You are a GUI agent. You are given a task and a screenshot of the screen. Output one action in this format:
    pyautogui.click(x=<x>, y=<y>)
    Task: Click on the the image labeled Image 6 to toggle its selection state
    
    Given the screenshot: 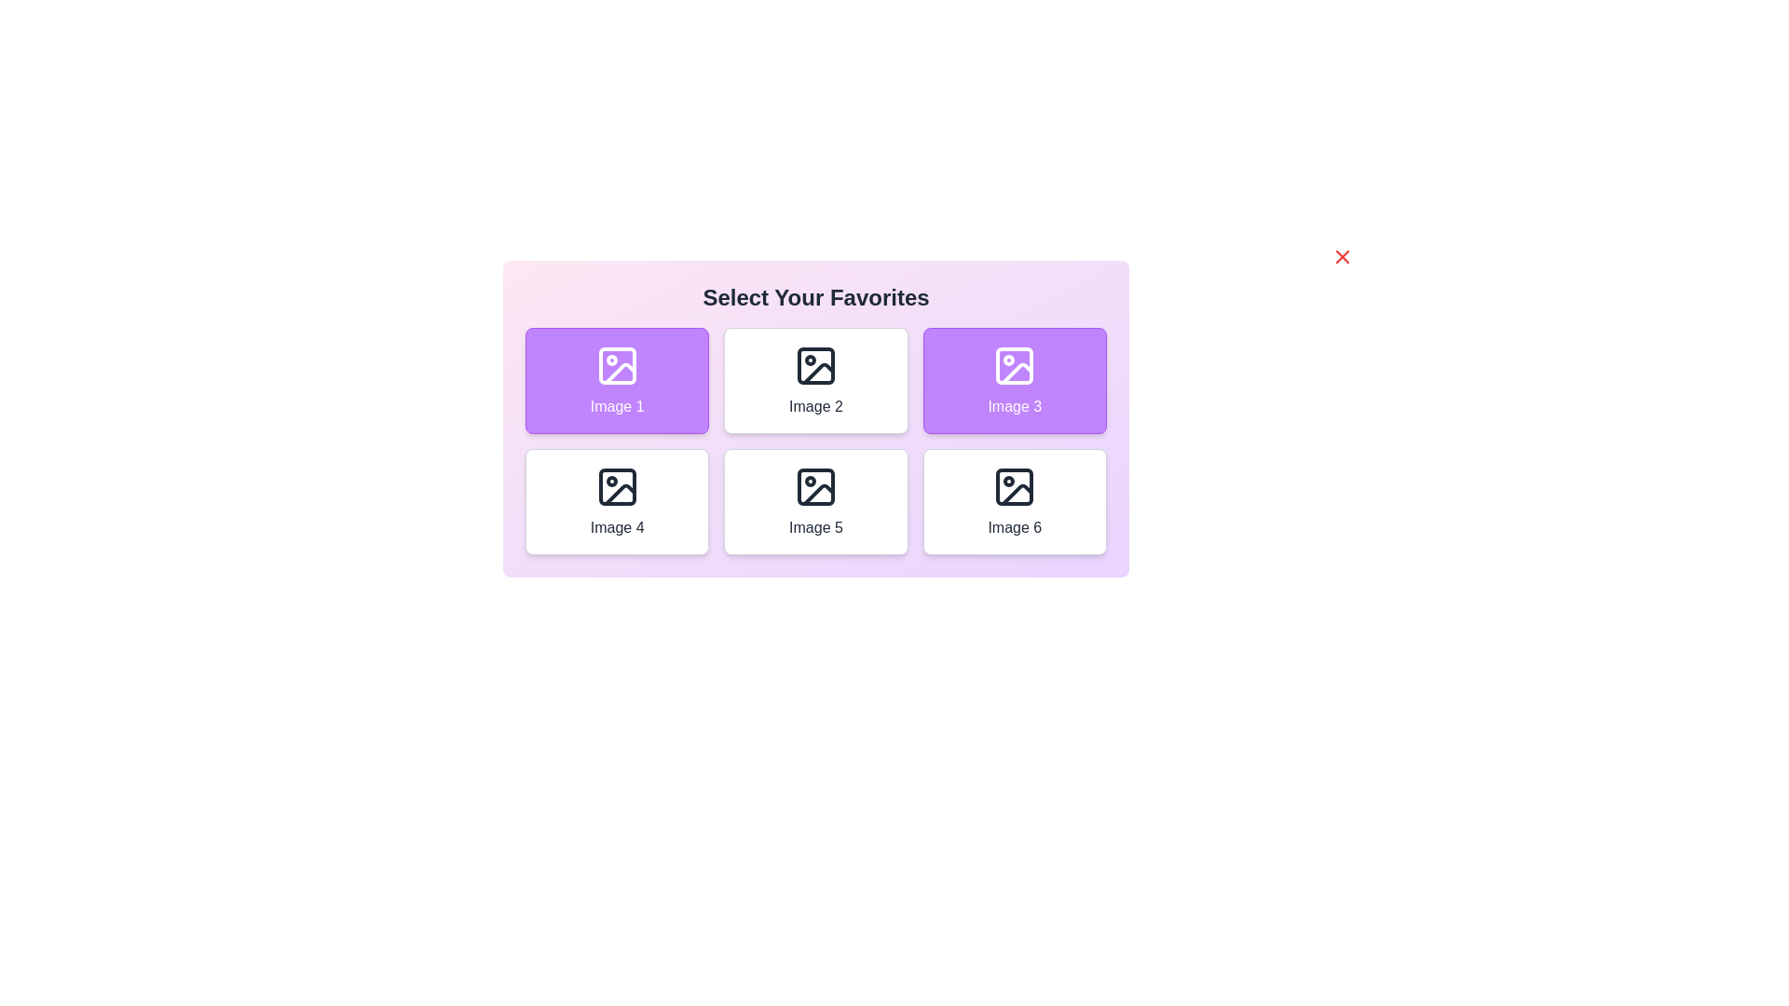 What is the action you would take?
    pyautogui.click(x=1014, y=501)
    